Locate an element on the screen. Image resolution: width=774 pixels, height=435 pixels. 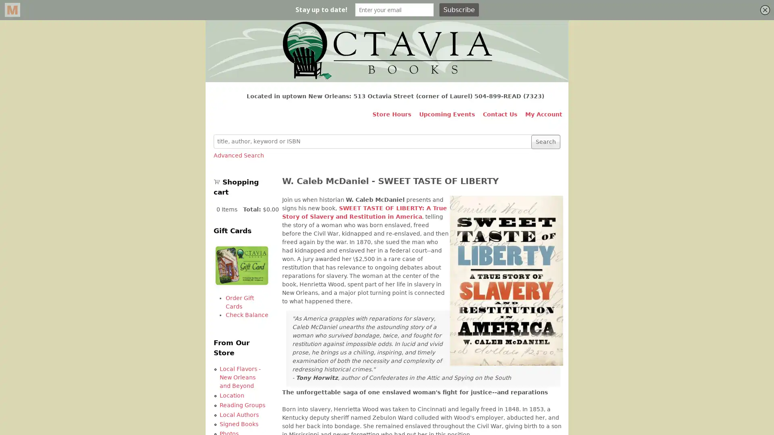
Search is located at coordinates (545, 141).